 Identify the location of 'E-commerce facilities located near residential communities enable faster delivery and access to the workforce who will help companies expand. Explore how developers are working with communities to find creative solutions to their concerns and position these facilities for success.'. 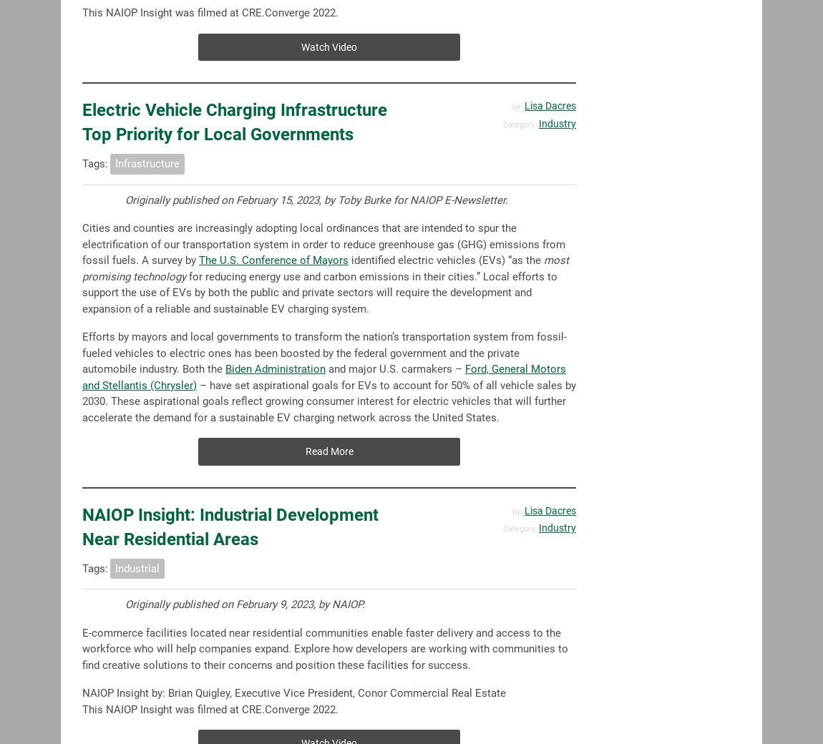
(325, 647).